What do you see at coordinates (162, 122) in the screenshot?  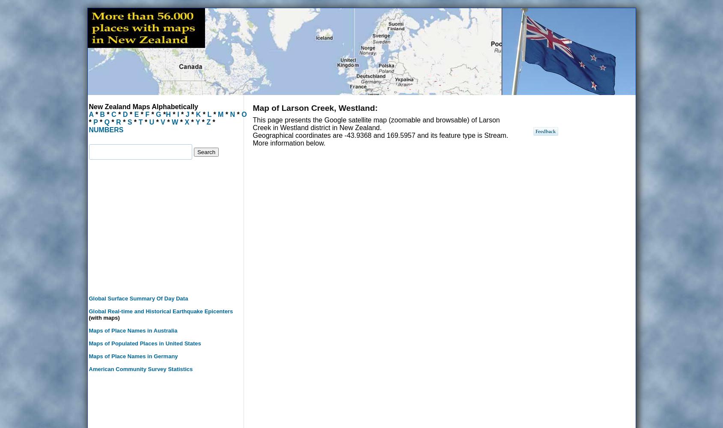 I see `'V'` at bounding box center [162, 122].